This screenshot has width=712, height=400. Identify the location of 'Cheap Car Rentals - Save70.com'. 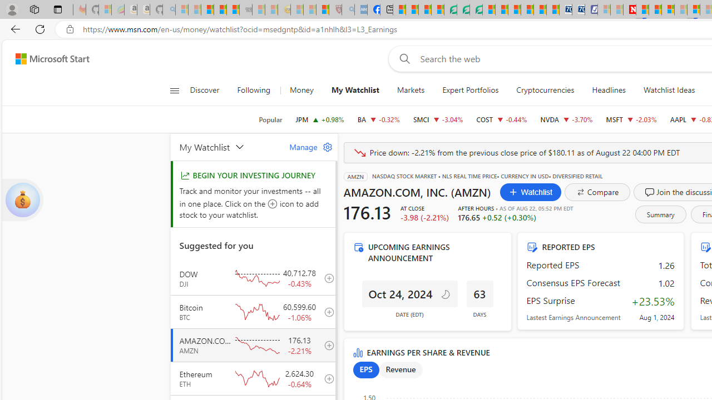
(565, 9).